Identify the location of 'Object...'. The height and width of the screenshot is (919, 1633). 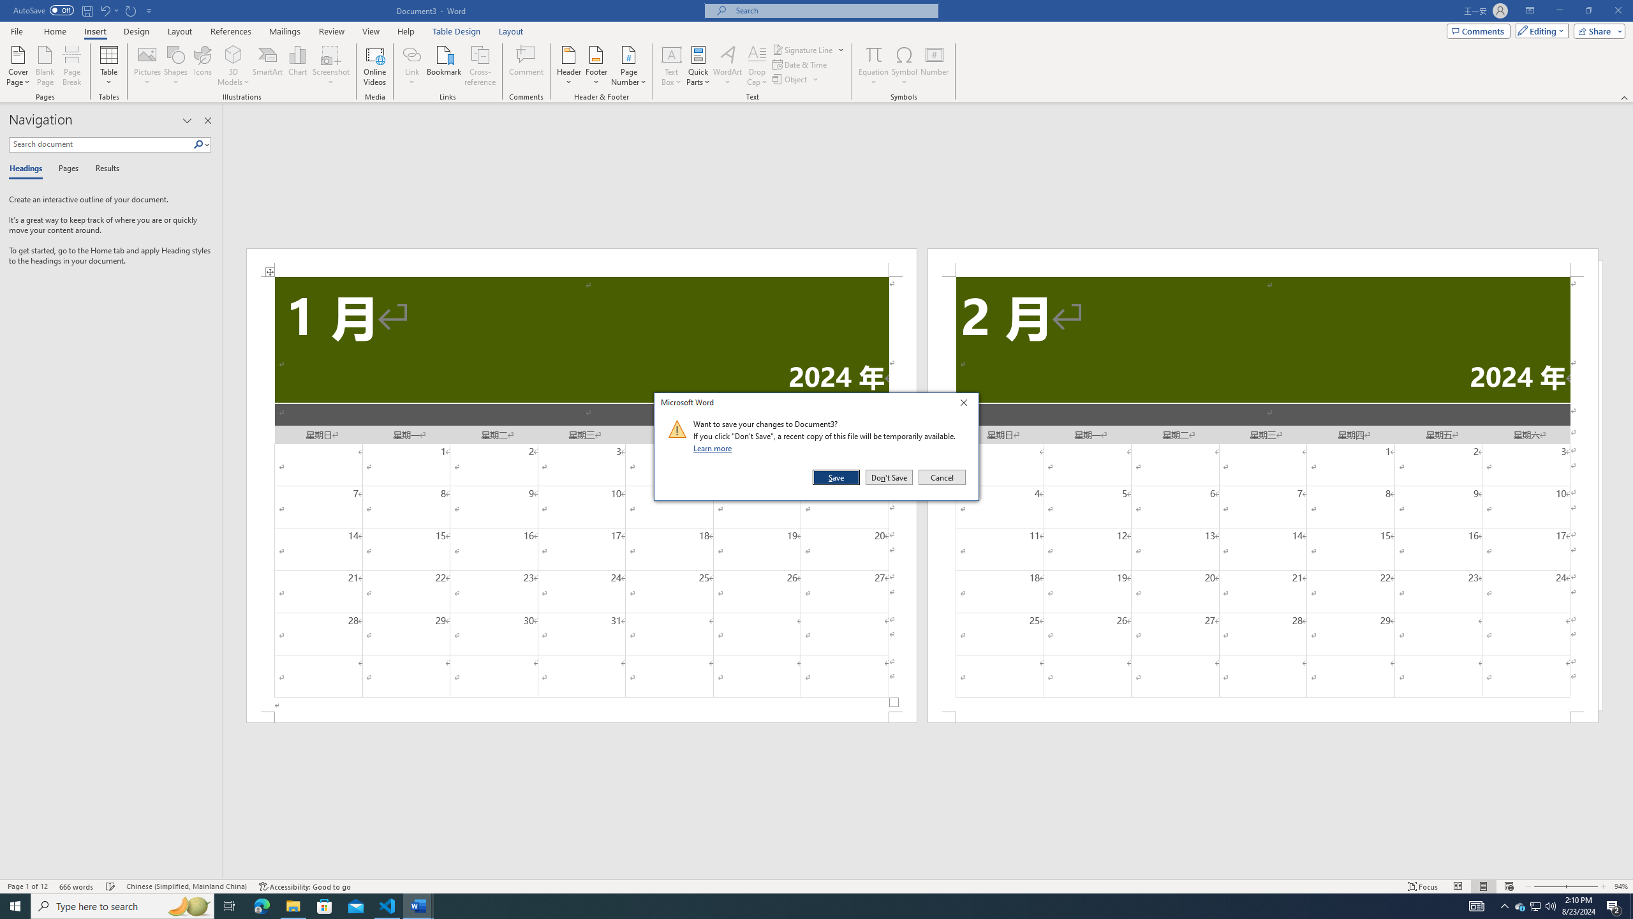
(790, 78).